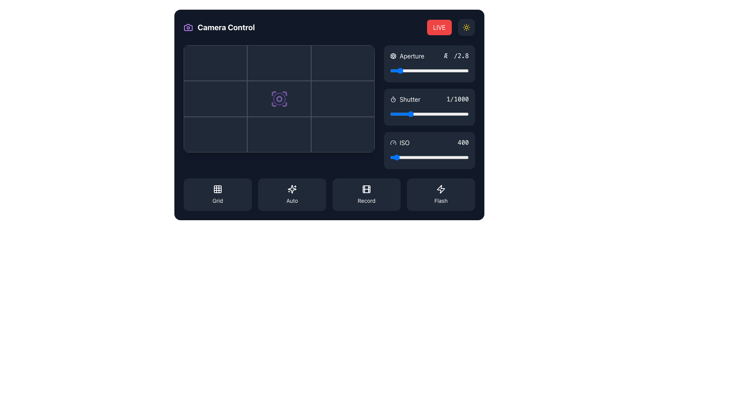  Describe the element at coordinates (217, 200) in the screenshot. I see `the 'Grid' text label displayed in a small-sized font with light text color against a dark background` at that location.